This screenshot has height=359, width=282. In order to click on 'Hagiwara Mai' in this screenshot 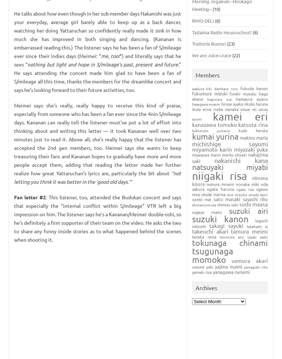, I will do `click(207, 98)`.